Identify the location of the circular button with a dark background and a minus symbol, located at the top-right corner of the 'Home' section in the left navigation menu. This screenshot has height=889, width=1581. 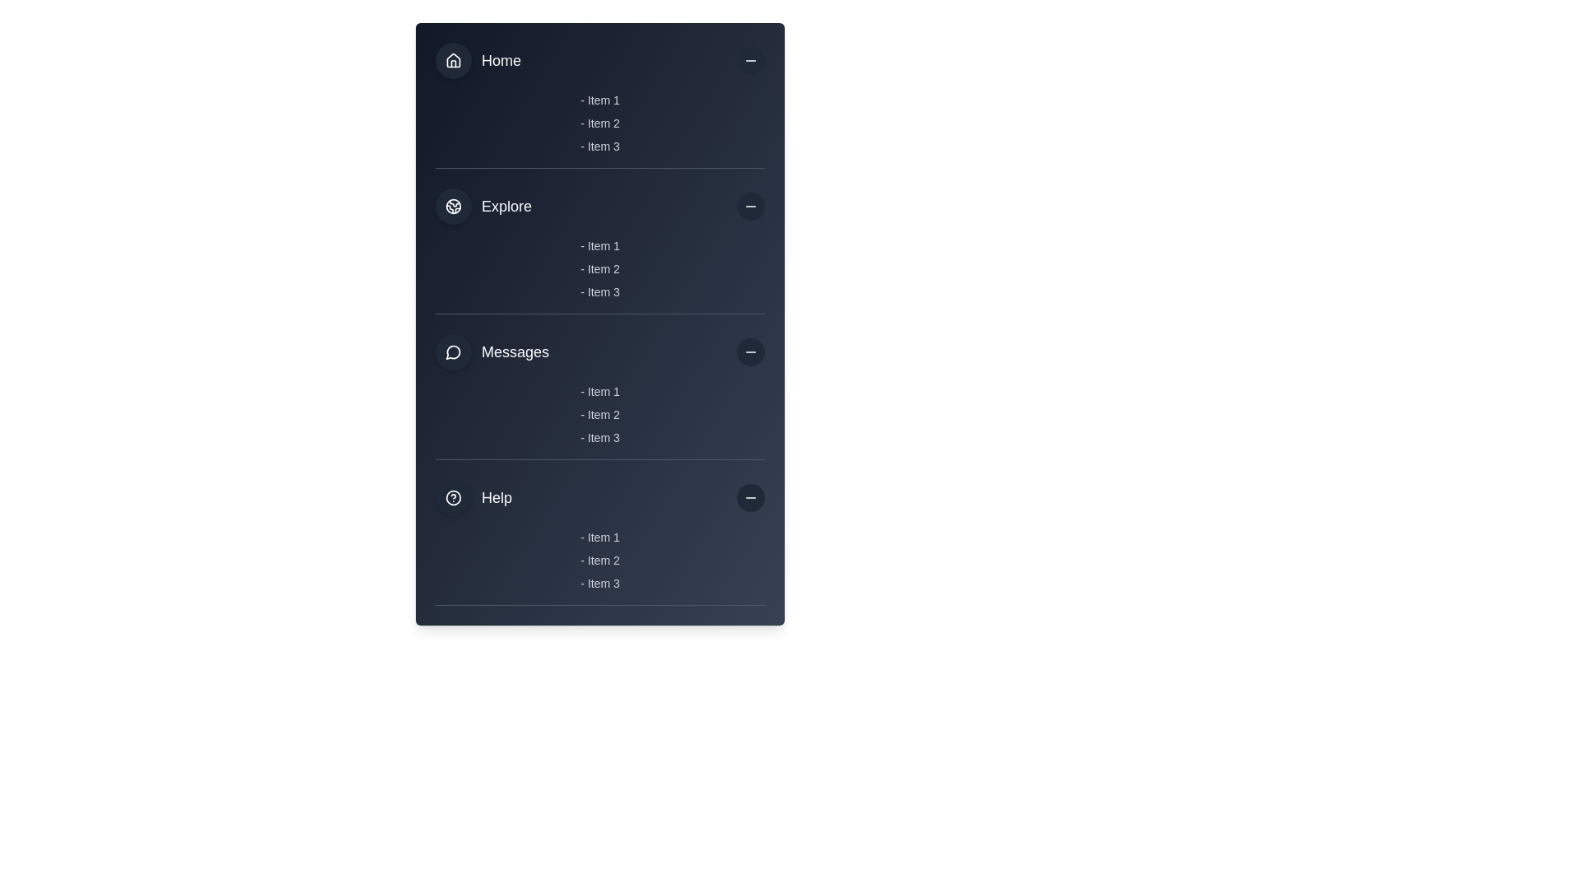
(750, 59).